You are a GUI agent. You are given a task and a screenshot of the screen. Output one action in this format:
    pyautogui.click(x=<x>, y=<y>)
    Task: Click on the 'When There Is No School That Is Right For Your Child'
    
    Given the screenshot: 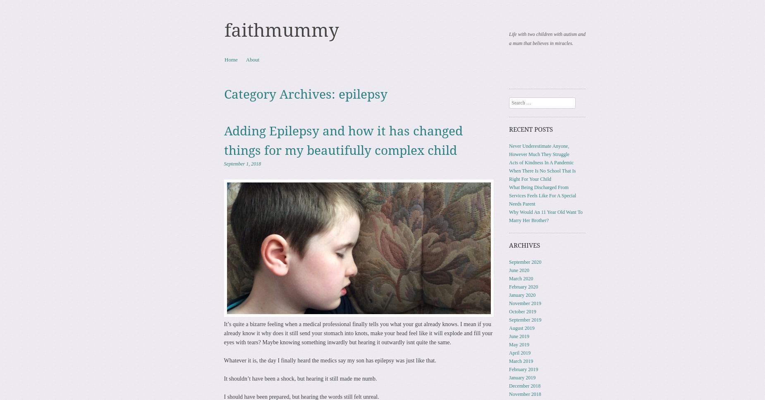 What is the action you would take?
    pyautogui.click(x=542, y=174)
    